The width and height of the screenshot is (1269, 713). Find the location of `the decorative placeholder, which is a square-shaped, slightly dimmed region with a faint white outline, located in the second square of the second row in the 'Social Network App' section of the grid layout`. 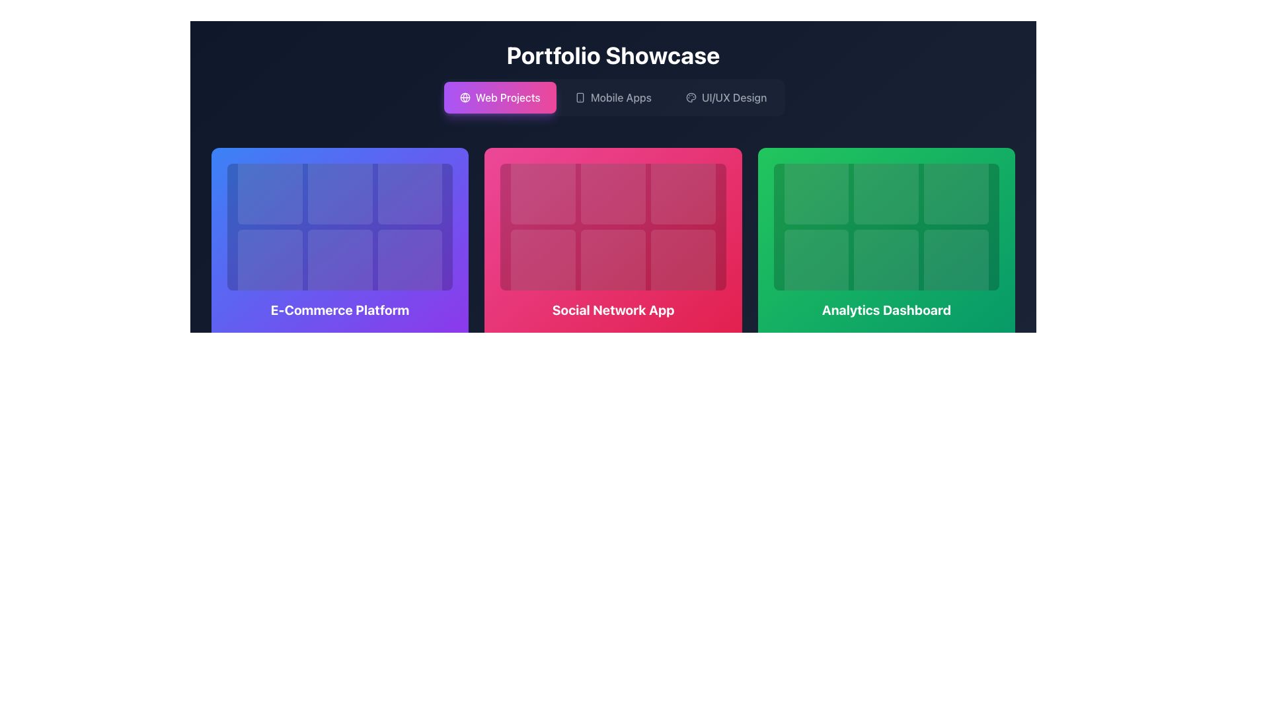

the decorative placeholder, which is a square-shaped, slightly dimmed region with a faint white outline, located in the second square of the second row in the 'Social Network App' section of the grid layout is located at coordinates (612, 261).